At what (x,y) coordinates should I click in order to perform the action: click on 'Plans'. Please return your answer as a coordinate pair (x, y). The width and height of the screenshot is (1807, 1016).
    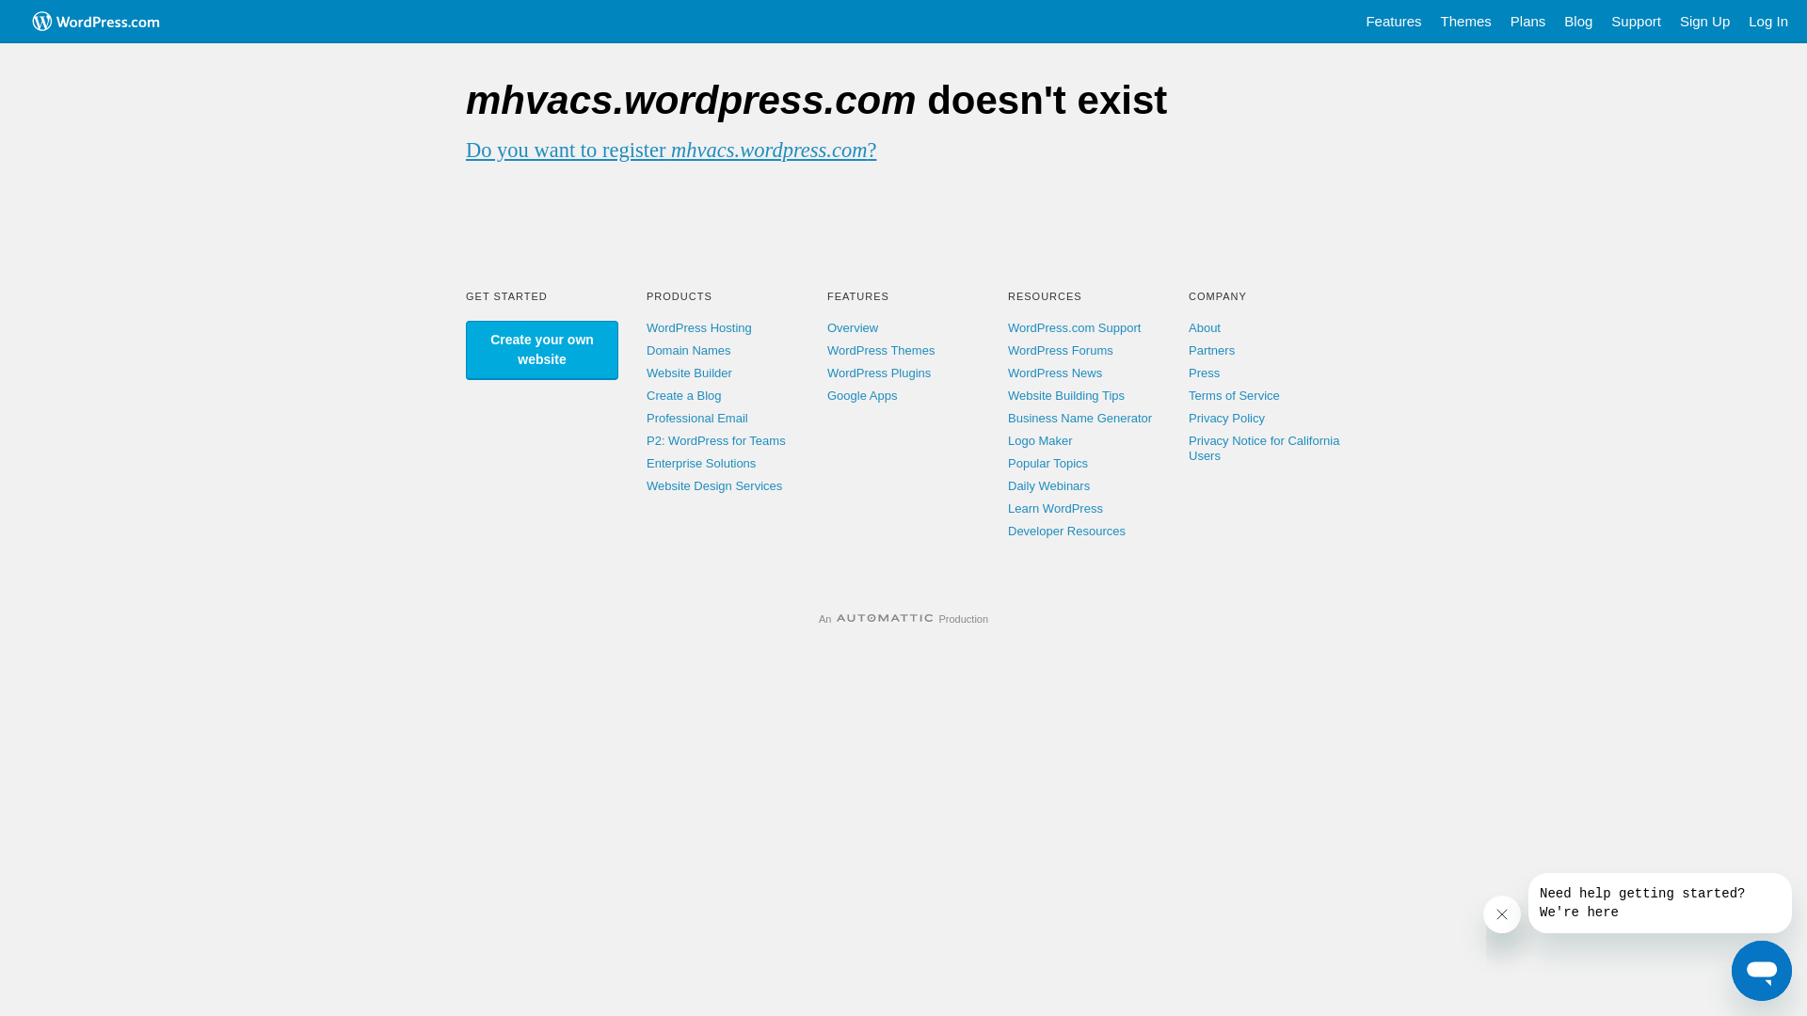
    Looking at the image, I should click on (1527, 22).